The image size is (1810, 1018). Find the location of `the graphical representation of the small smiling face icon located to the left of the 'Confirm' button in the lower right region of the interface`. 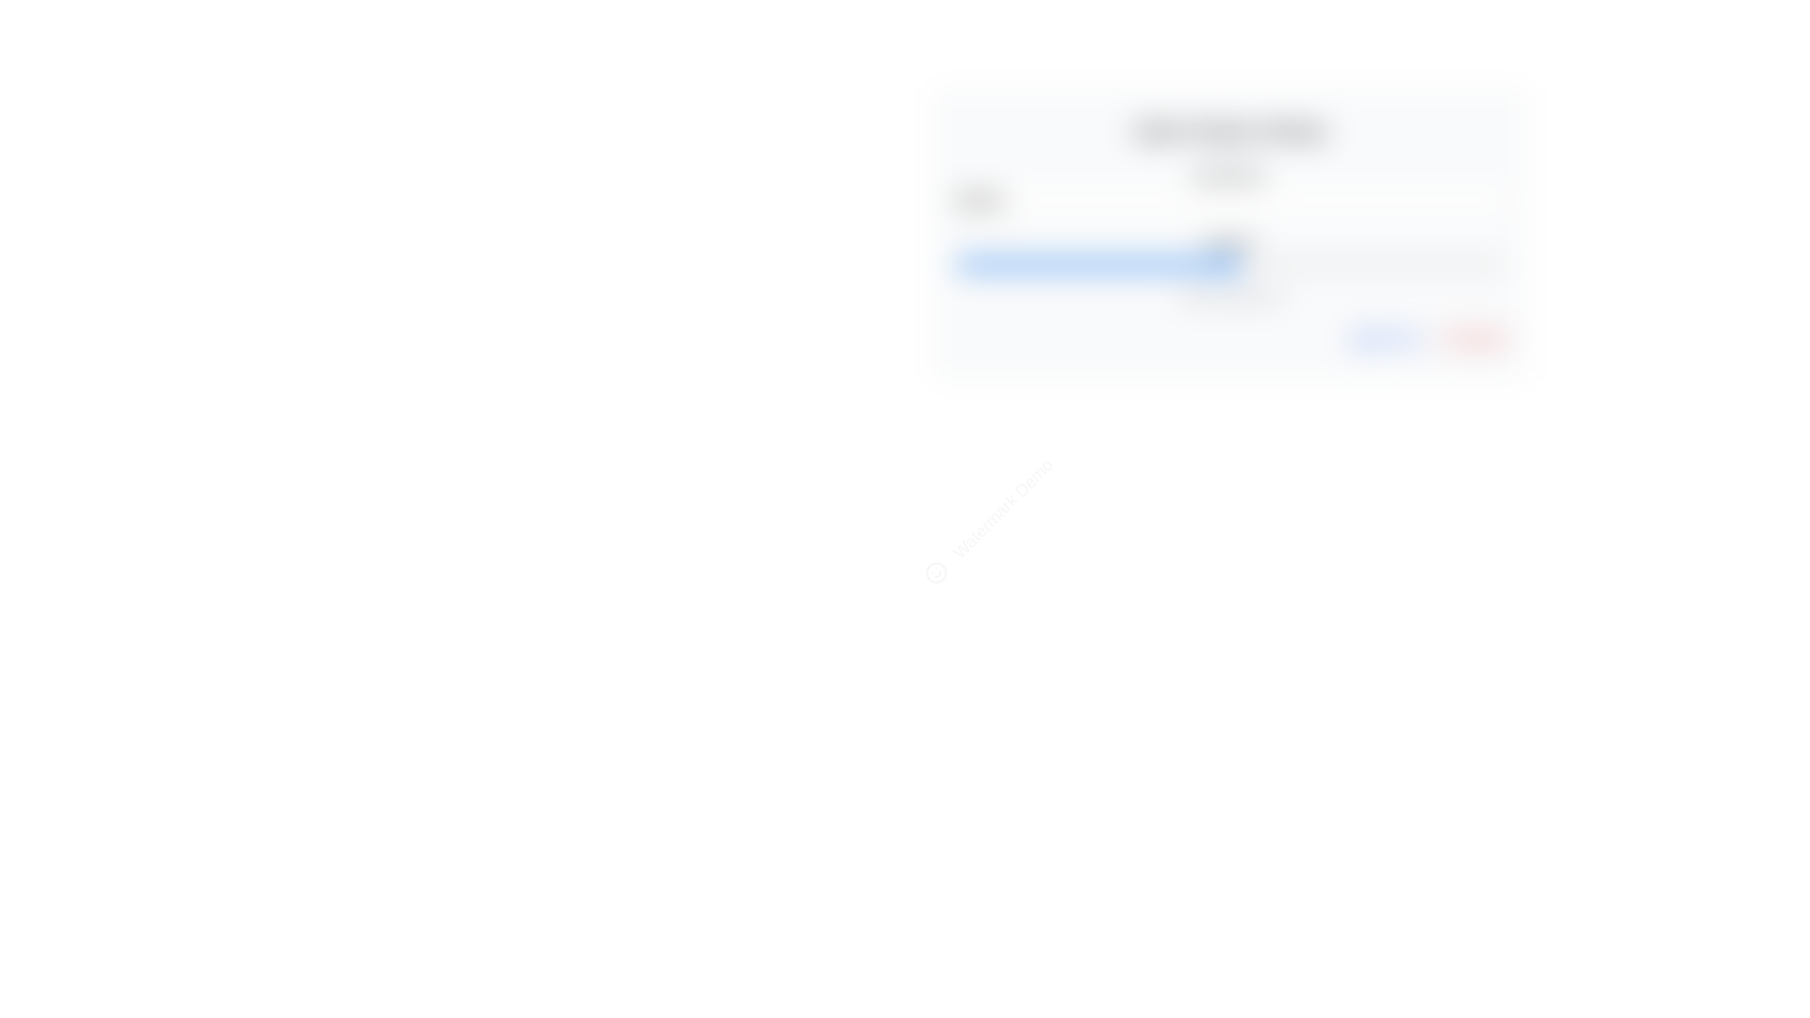

the graphical representation of the small smiling face icon located to the left of the 'Confirm' button in the lower right region of the interface is located at coordinates (1361, 337).